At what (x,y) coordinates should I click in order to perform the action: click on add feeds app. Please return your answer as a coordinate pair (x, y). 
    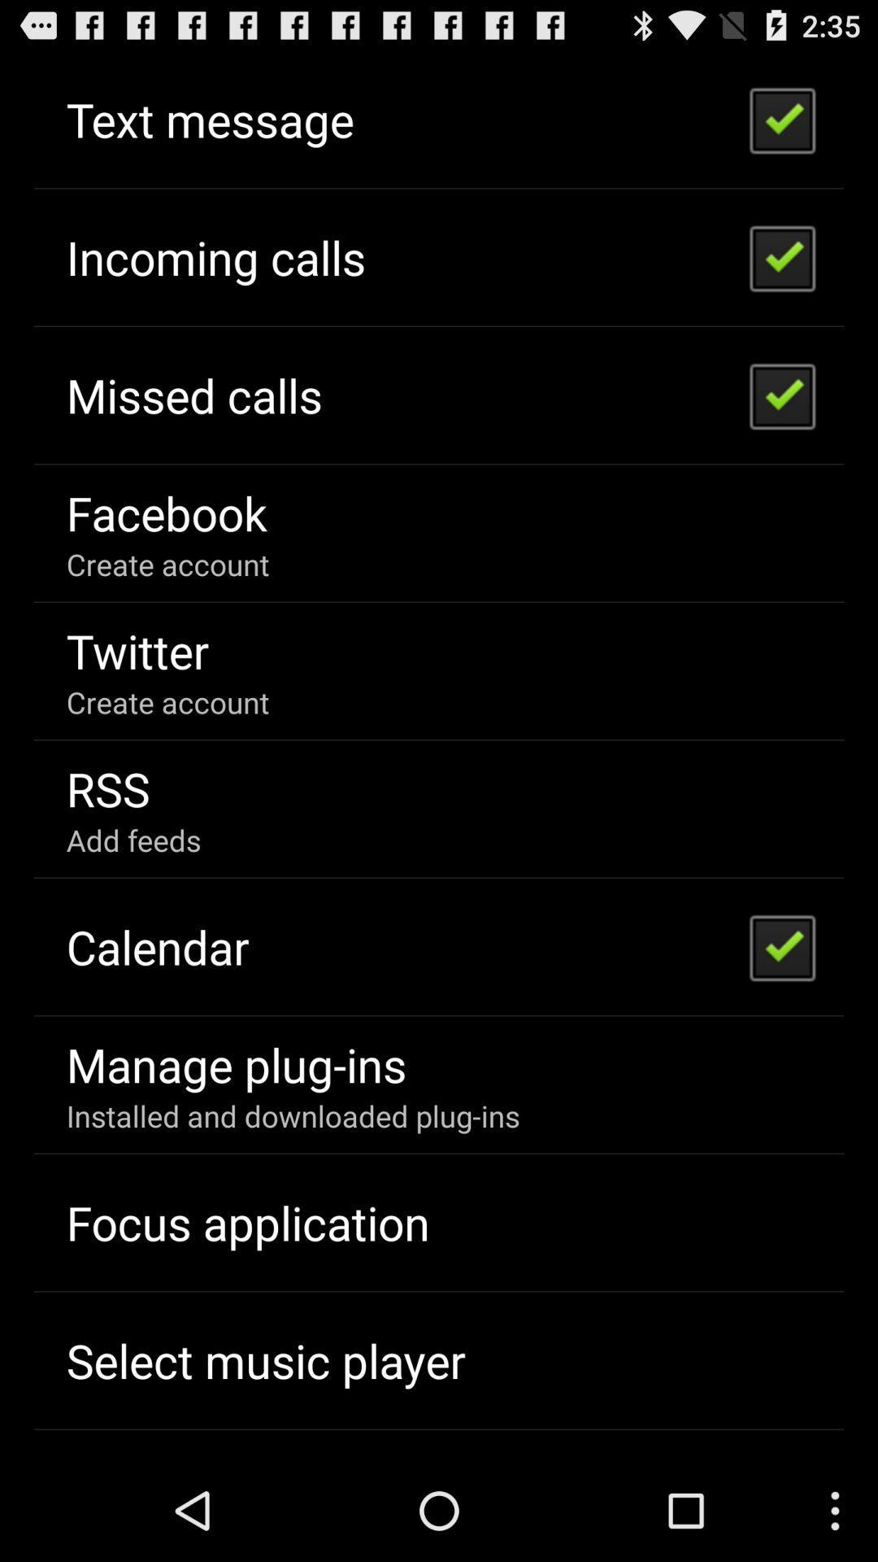
    Looking at the image, I should click on (133, 840).